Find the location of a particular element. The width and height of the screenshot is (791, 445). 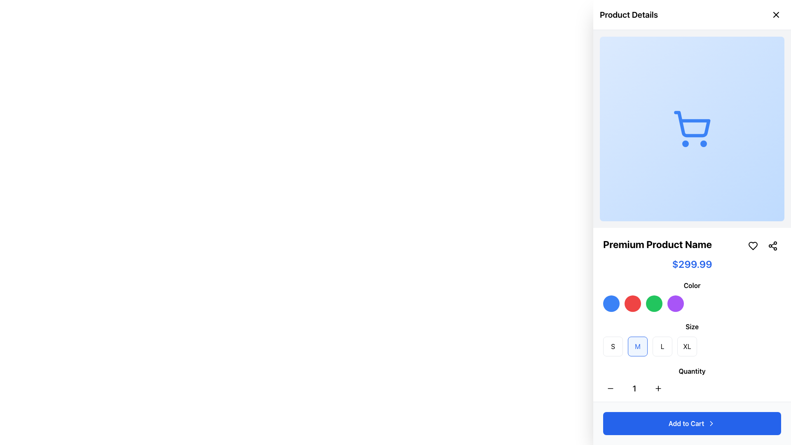

the increment and decrement buttons of the Quantity selector, which is labeled 'Quantity' and is centrally aligned within the right-hand panel is located at coordinates (692, 381).